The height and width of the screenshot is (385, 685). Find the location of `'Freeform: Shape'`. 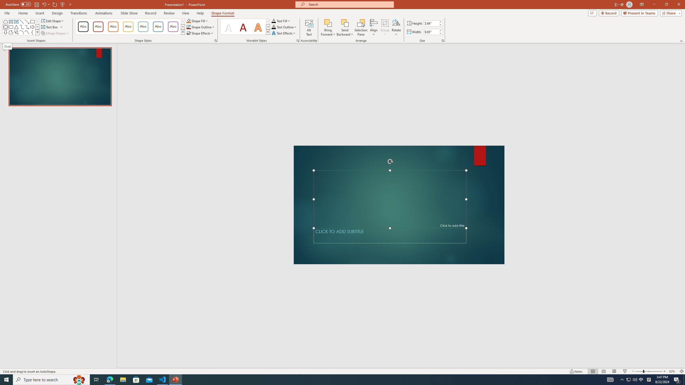

'Freeform: Shape' is located at coordinates (11, 32).